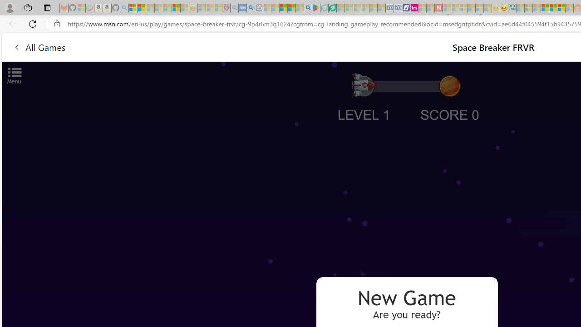 The height and width of the screenshot is (327, 581). I want to click on 'Bluey: Let', so click(316, 8).